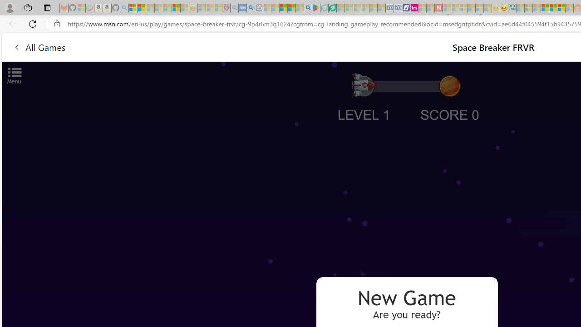 The height and width of the screenshot is (327, 581). I want to click on 'Bluey: Let', so click(316, 8).